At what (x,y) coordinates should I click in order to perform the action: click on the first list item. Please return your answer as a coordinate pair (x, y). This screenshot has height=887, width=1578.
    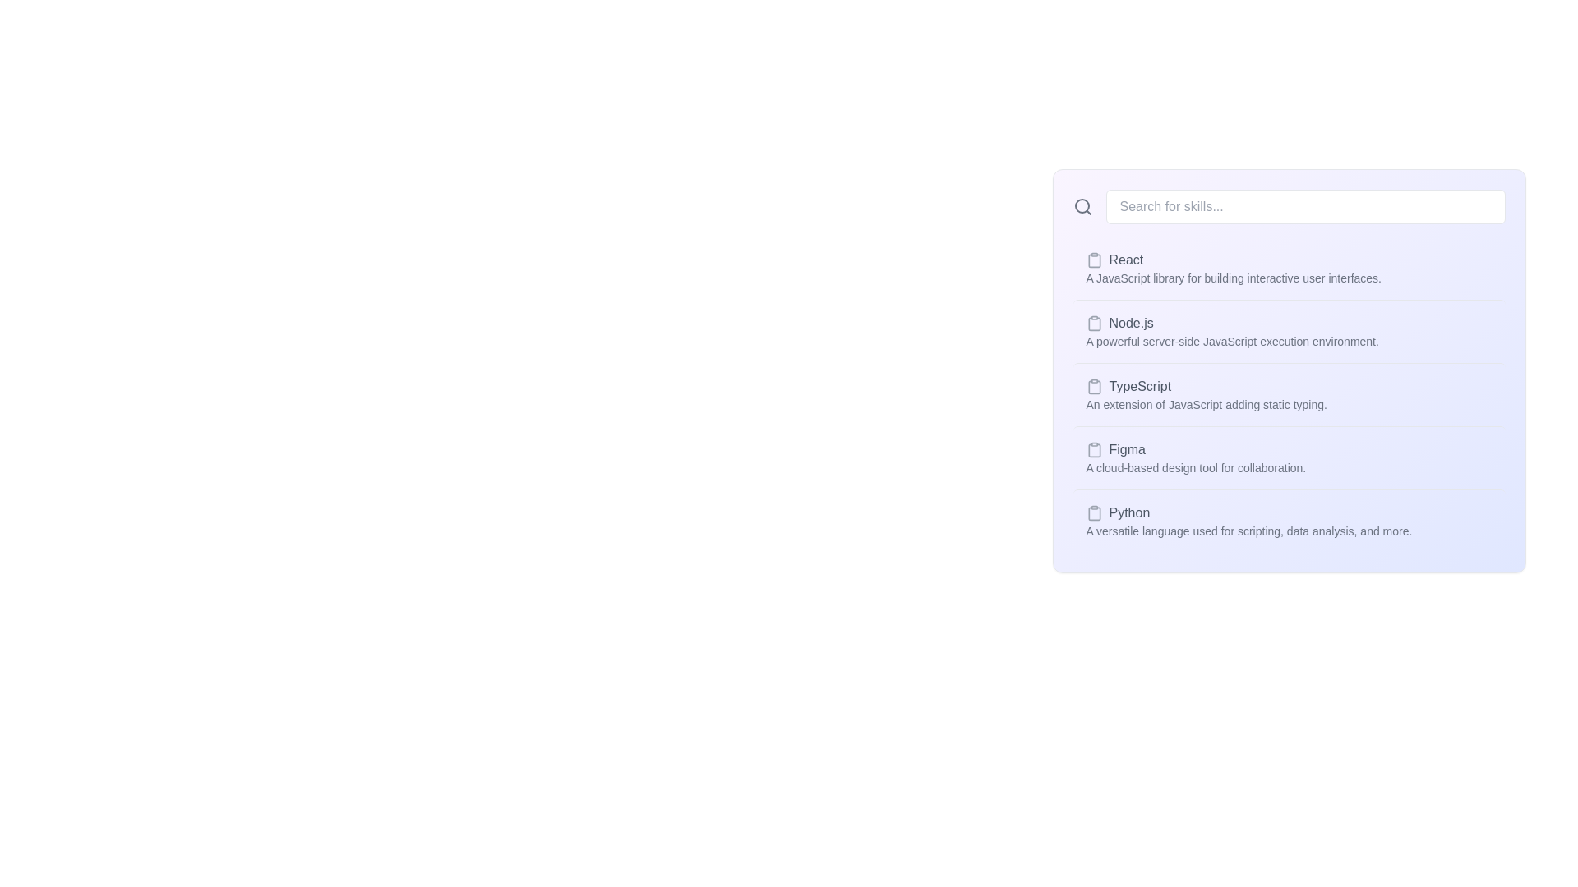
    Looking at the image, I should click on (1234, 268).